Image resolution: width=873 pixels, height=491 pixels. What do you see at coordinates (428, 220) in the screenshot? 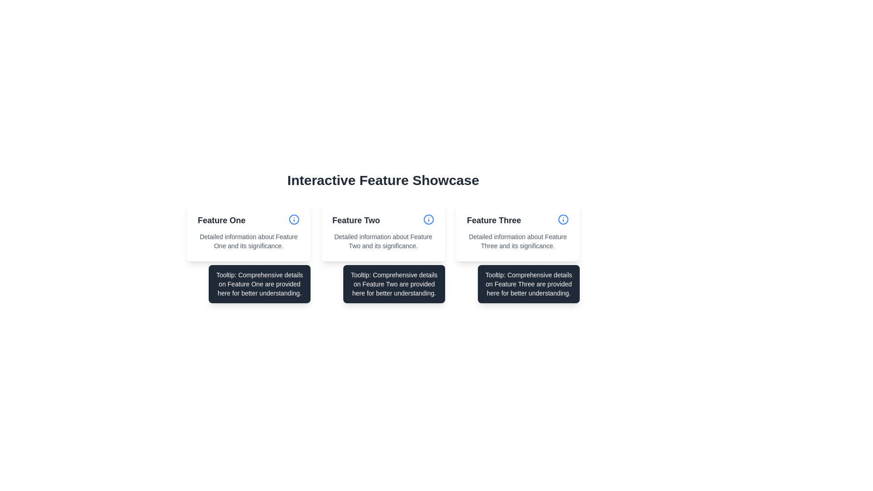
I see `the blue circular icon with a stroke and dot pattern, which is aligned to the right of the 'Feature Two' header` at bounding box center [428, 220].